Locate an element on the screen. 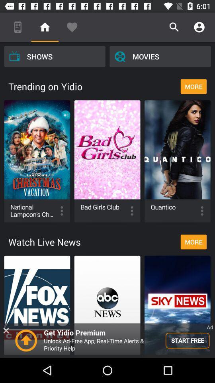 This screenshot has height=383, width=215. icon above the shows is located at coordinates (72, 27).